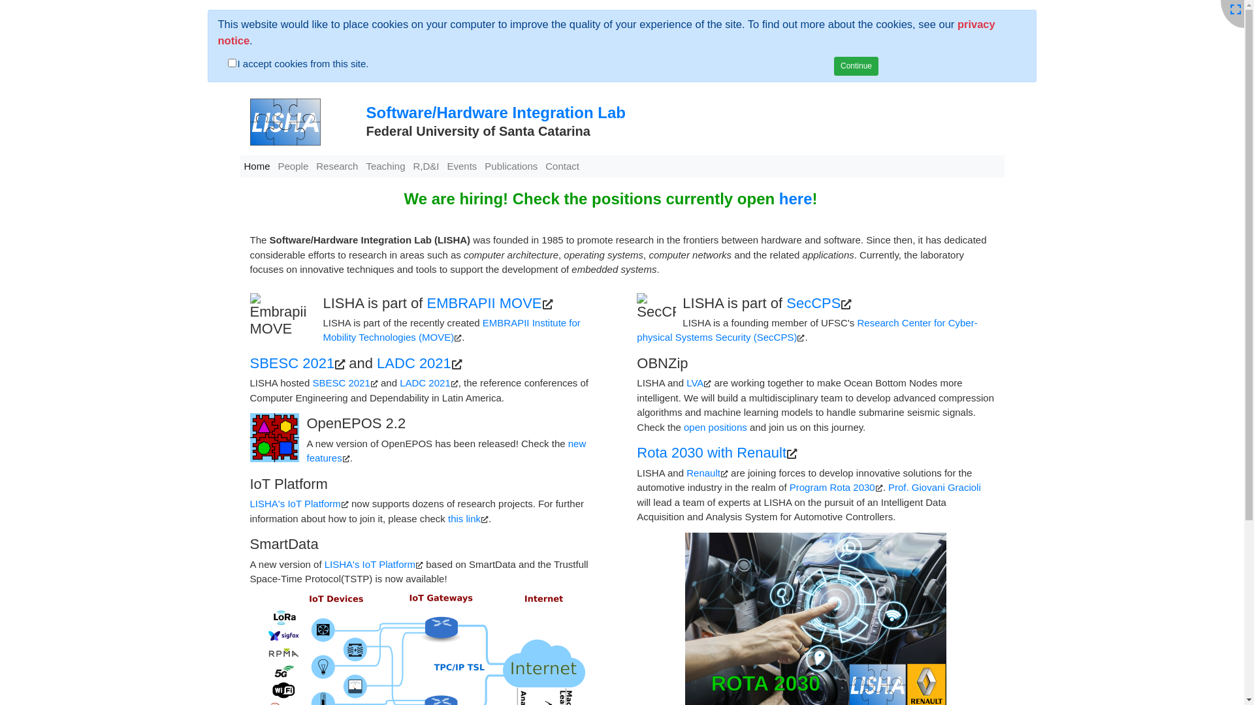  Describe the element at coordinates (483, 303) in the screenshot. I see `'EMBRAPII MOVE'` at that location.